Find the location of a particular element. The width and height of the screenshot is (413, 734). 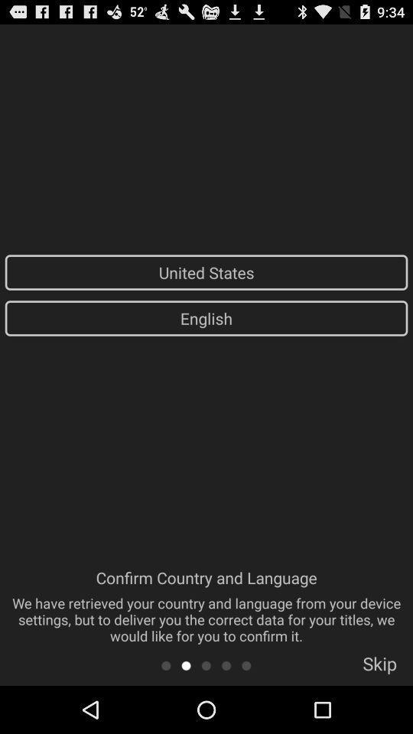

the 4th page is located at coordinates (226, 664).